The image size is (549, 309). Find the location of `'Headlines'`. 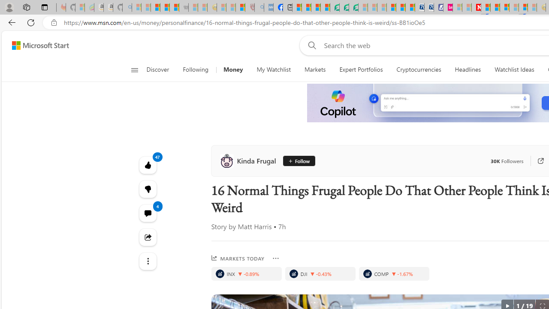

'Headlines' is located at coordinates (468, 70).